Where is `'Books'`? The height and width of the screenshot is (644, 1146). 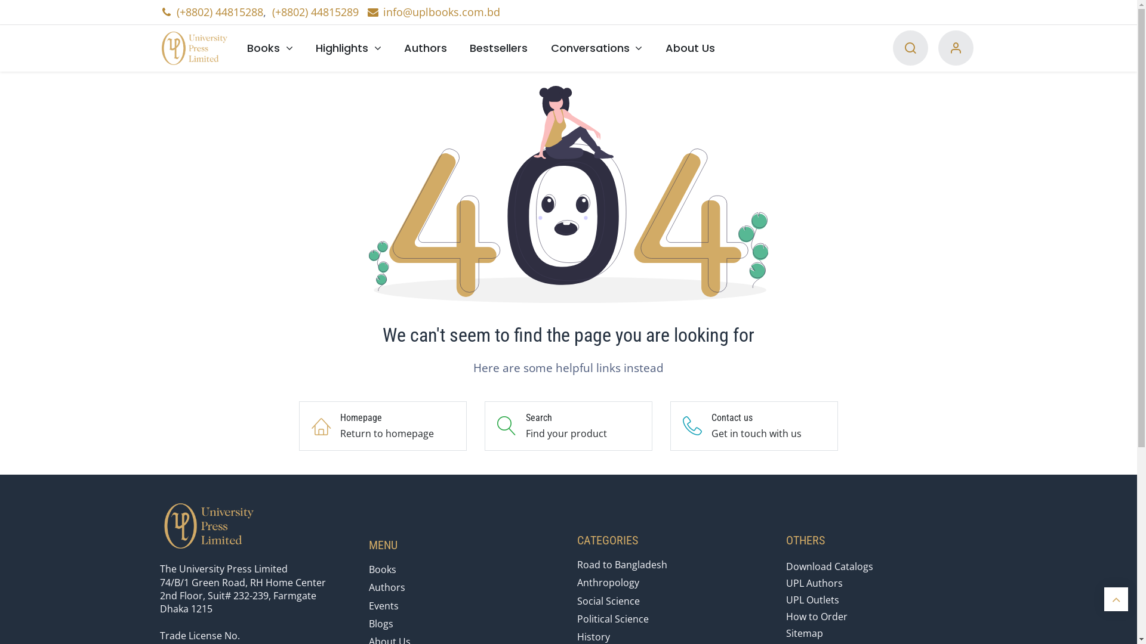 'Books' is located at coordinates (383, 569).